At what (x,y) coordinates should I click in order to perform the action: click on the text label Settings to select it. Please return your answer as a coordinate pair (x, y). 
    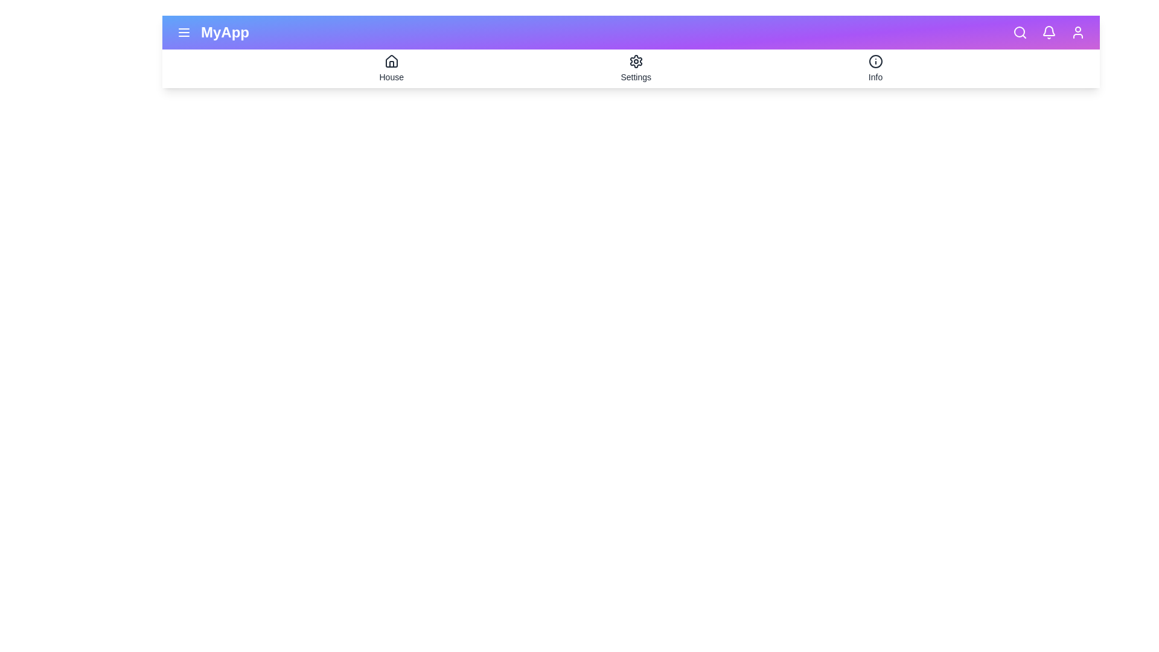
    Looking at the image, I should click on (635, 77).